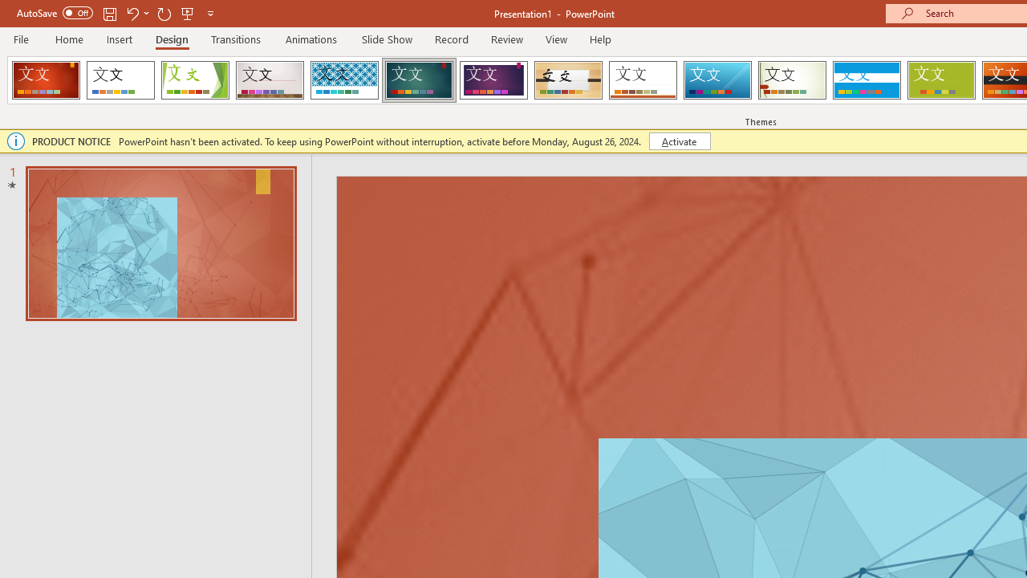  I want to click on 'Wisp', so click(792, 80).